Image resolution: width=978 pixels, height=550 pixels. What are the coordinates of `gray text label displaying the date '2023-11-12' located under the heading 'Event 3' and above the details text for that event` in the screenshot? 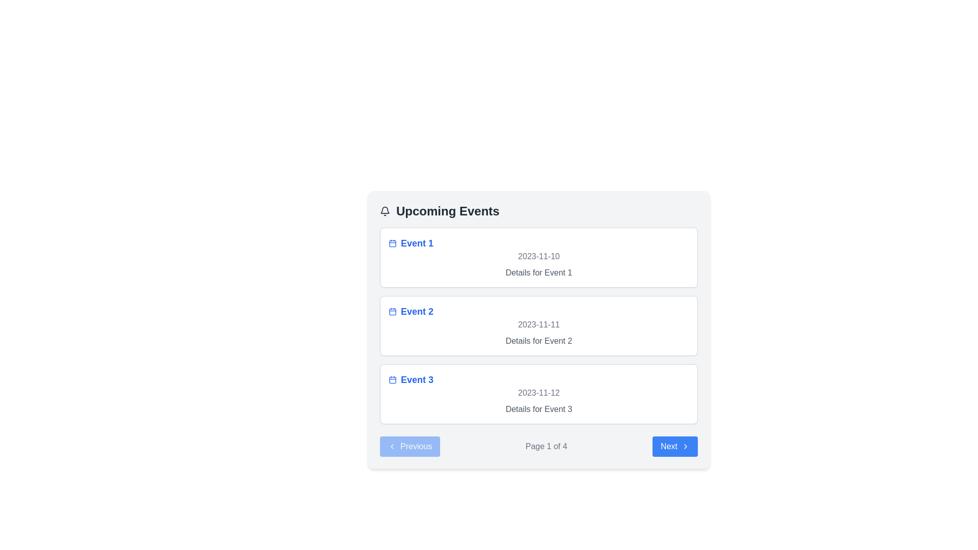 It's located at (538, 392).